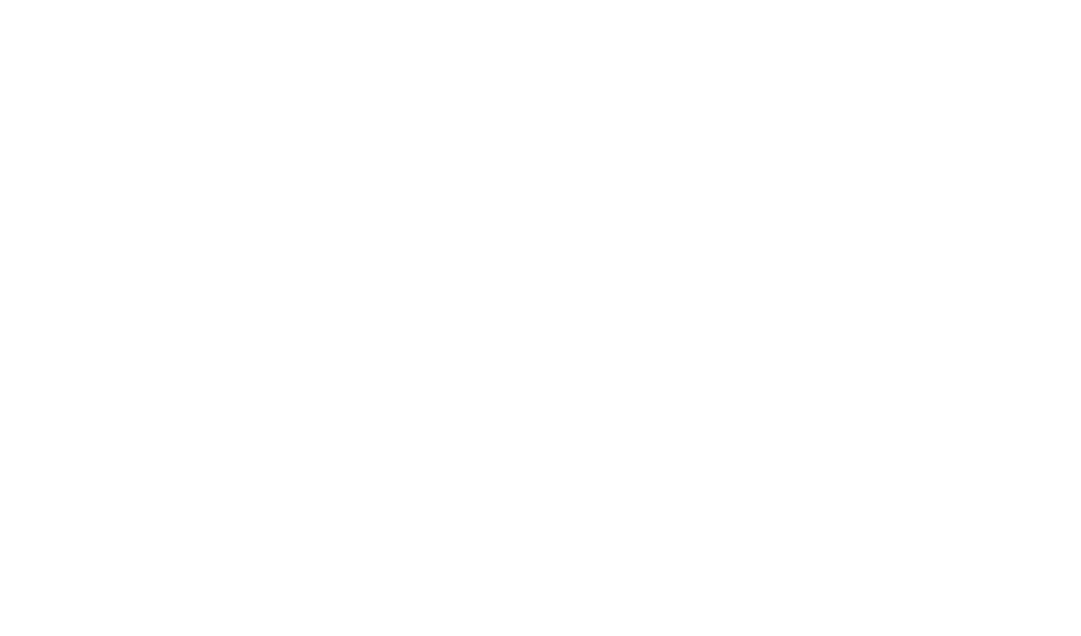 The width and height of the screenshot is (1081, 636). I want to click on 'The Hotel', so click(540, 154).